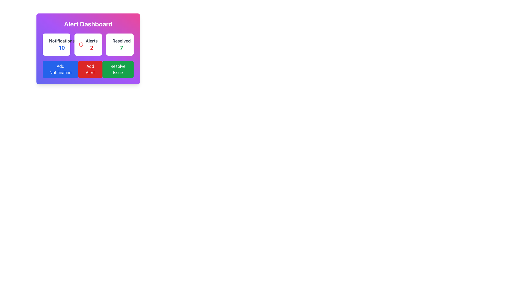 The width and height of the screenshot is (507, 285). I want to click on the 'Add Alert' button, which is a red rectangular button with white text, centrally located between 'Add Notification' and 'Resolve Issue' in the 'Alert Dashboard' panel, so click(88, 69).